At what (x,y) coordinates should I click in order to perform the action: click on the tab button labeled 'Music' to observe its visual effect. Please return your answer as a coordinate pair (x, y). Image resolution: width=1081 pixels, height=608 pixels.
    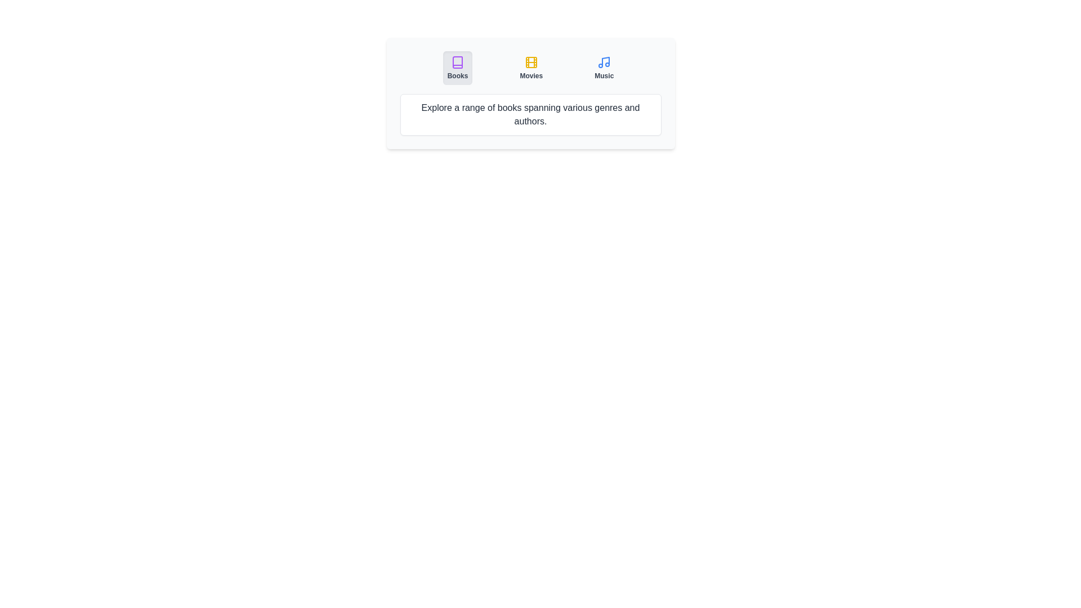
    Looking at the image, I should click on (604, 68).